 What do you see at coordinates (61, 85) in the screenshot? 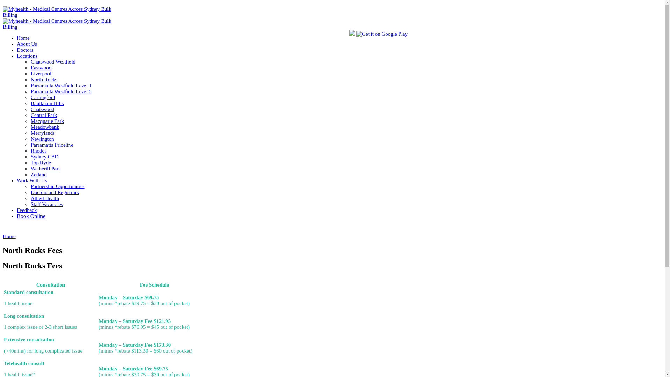
I see `'Parramatta Westfield Level 1'` at bounding box center [61, 85].